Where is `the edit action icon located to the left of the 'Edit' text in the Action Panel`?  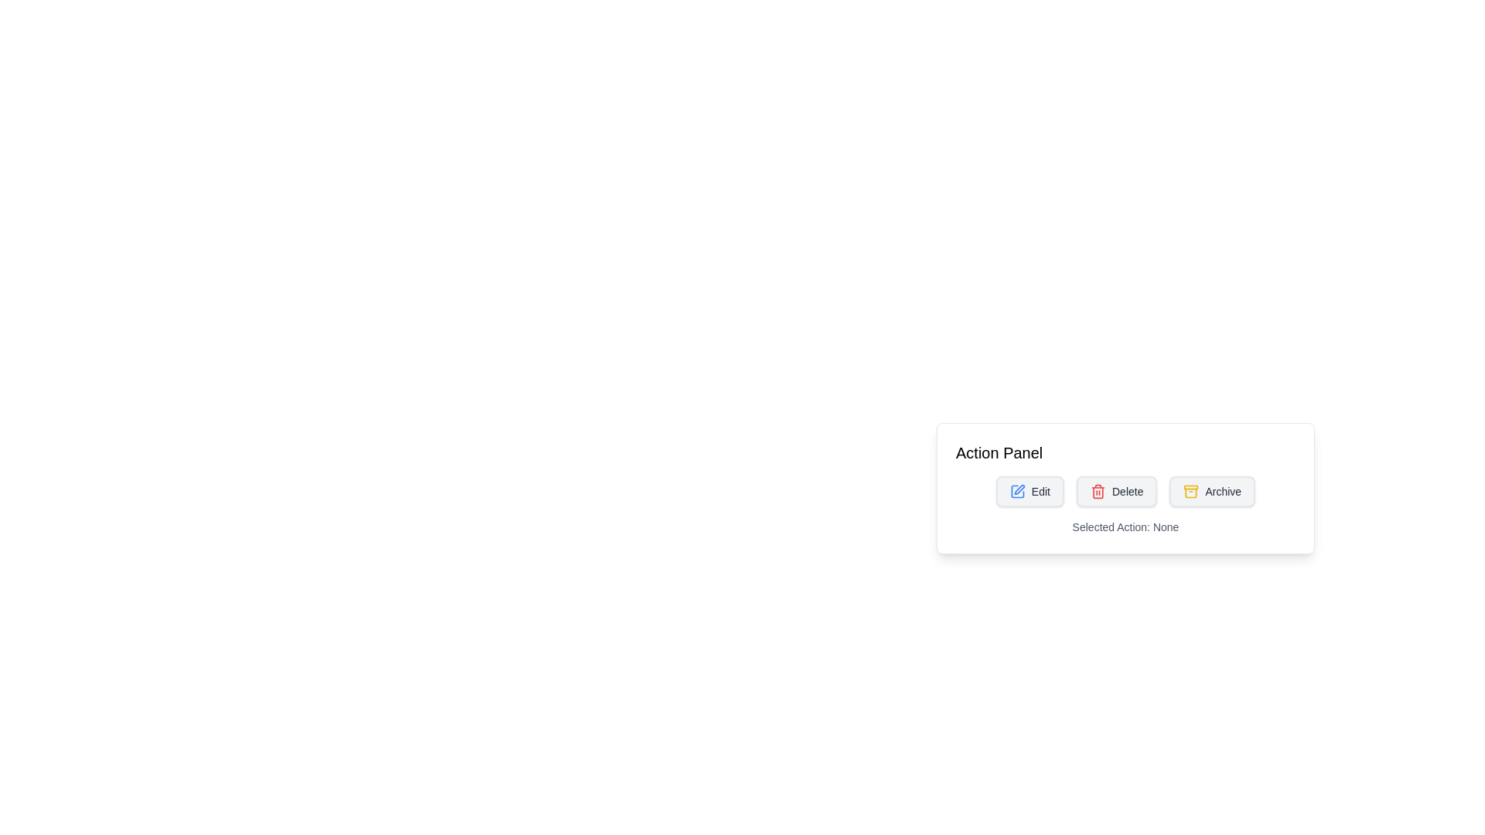 the edit action icon located to the left of the 'Edit' text in the Action Panel is located at coordinates (1017, 492).